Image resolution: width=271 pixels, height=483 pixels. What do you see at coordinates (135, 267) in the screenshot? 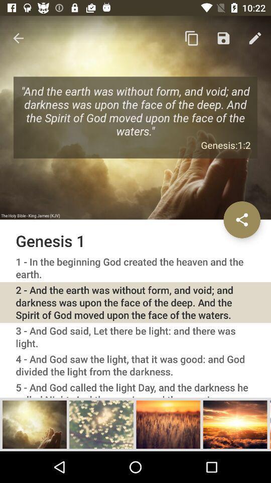
I see `the icon below genesis 1` at bounding box center [135, 267].